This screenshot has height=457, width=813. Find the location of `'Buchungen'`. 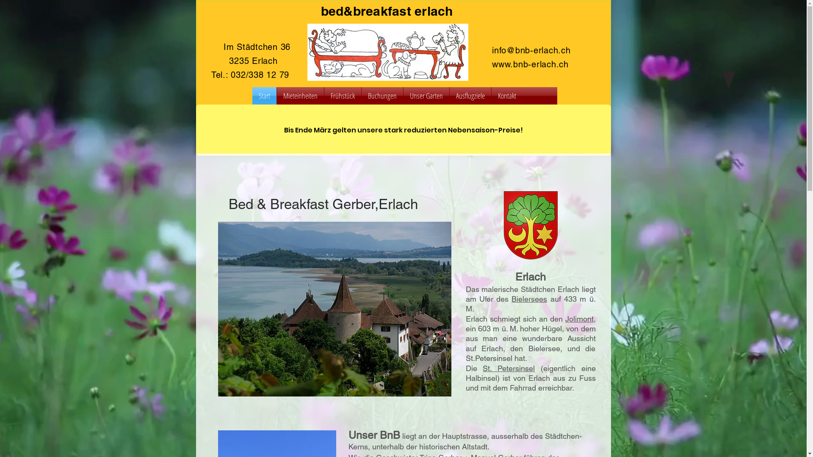

'Buchungen' is located at coordinates (382, 95).